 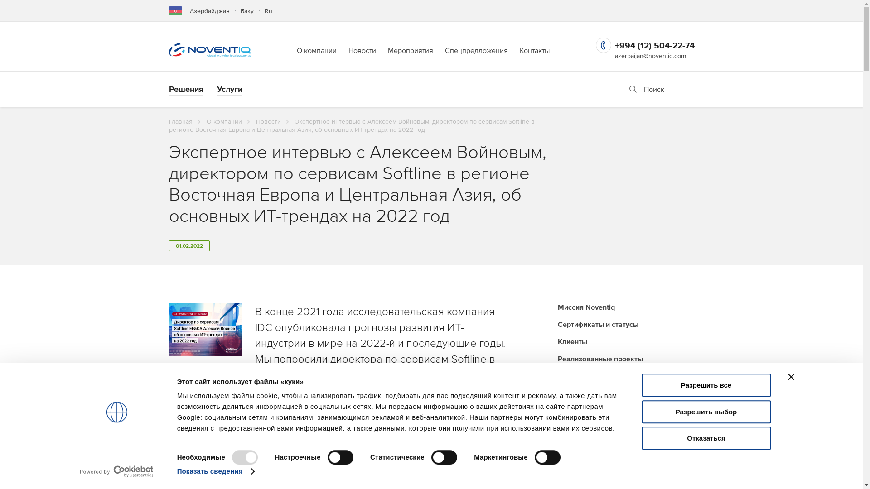 What do you see at coordinates (649, 56) in the screenshot?
I see `'azerbaijan@noventiq.com'` at bounding box center [649, 56].